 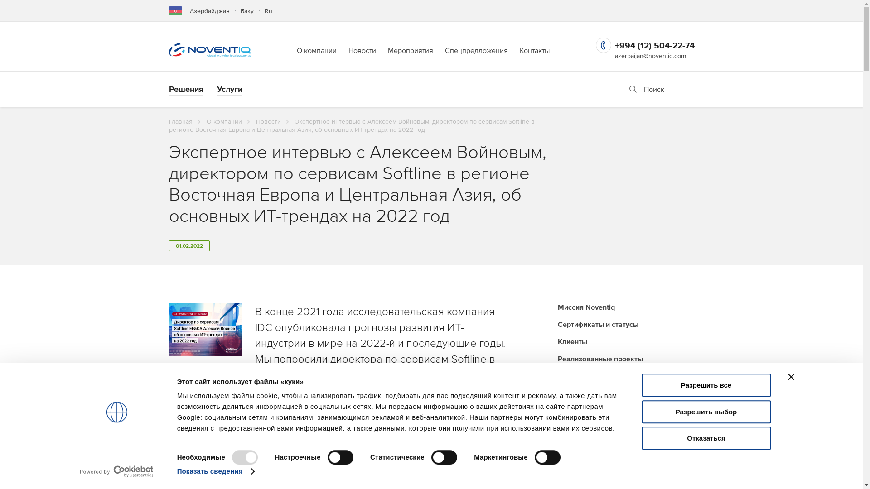 What do you see at coordinates (649, 56) in the screenshot?
I see `'azerbaijan@noventiq.com'` at bounding box center [649, 56].